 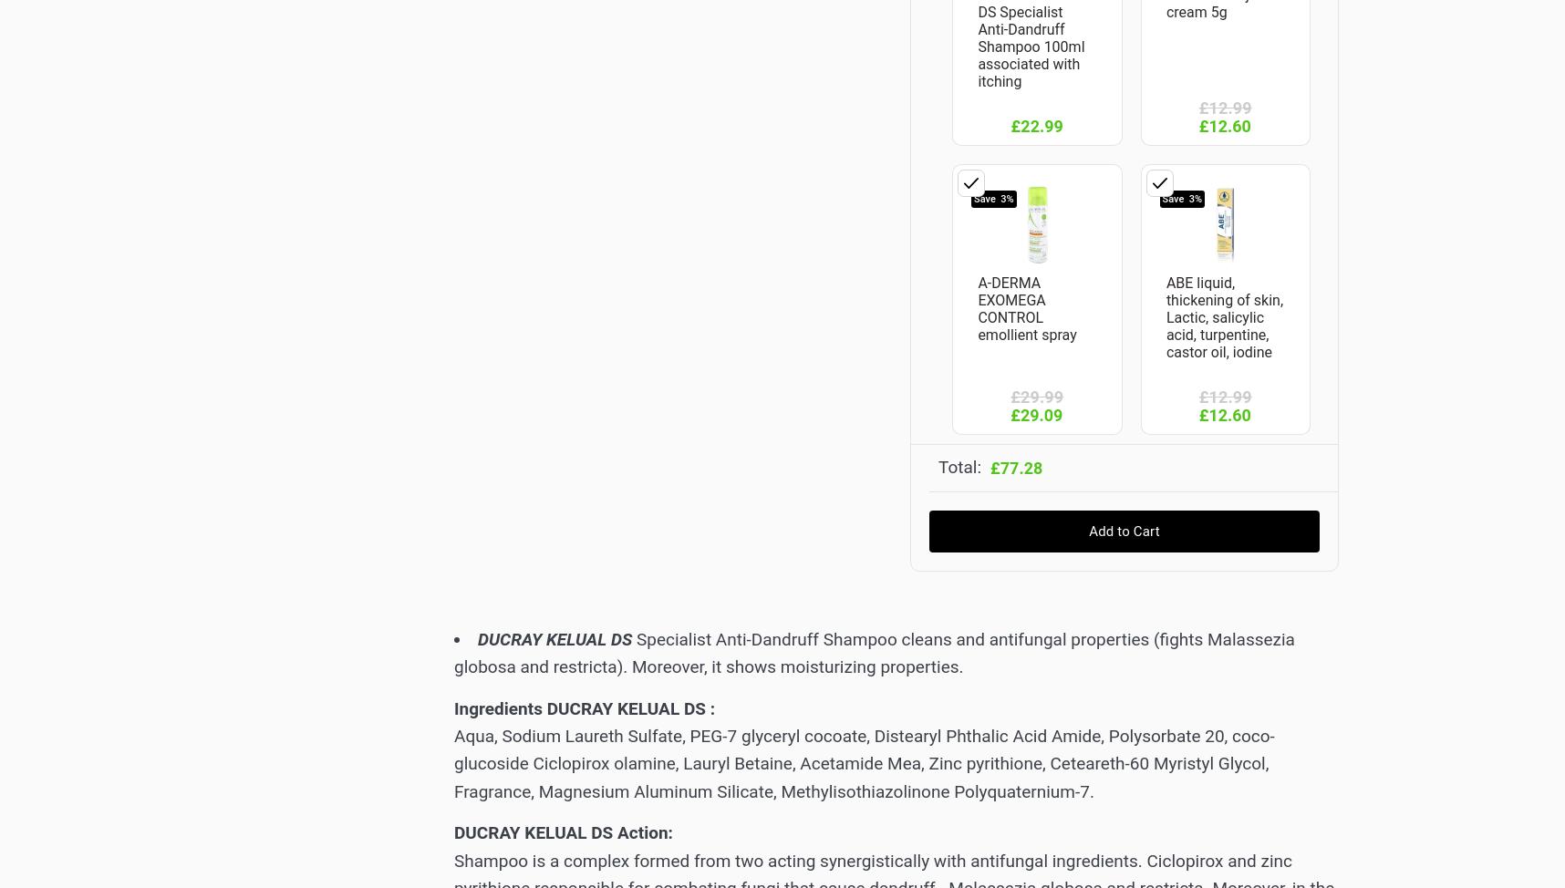 I want to click on 'Total:', so click(x=959, y=467).